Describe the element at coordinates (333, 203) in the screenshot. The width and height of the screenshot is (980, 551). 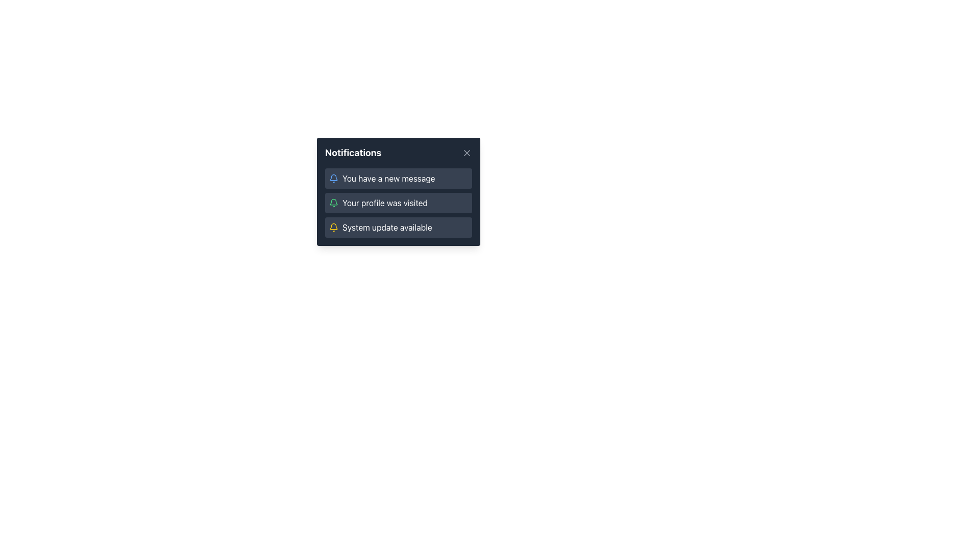
I see `the bell-shaped icon with a green outline located next to the text 'Your profile was visited' in the notification popup` at that location.